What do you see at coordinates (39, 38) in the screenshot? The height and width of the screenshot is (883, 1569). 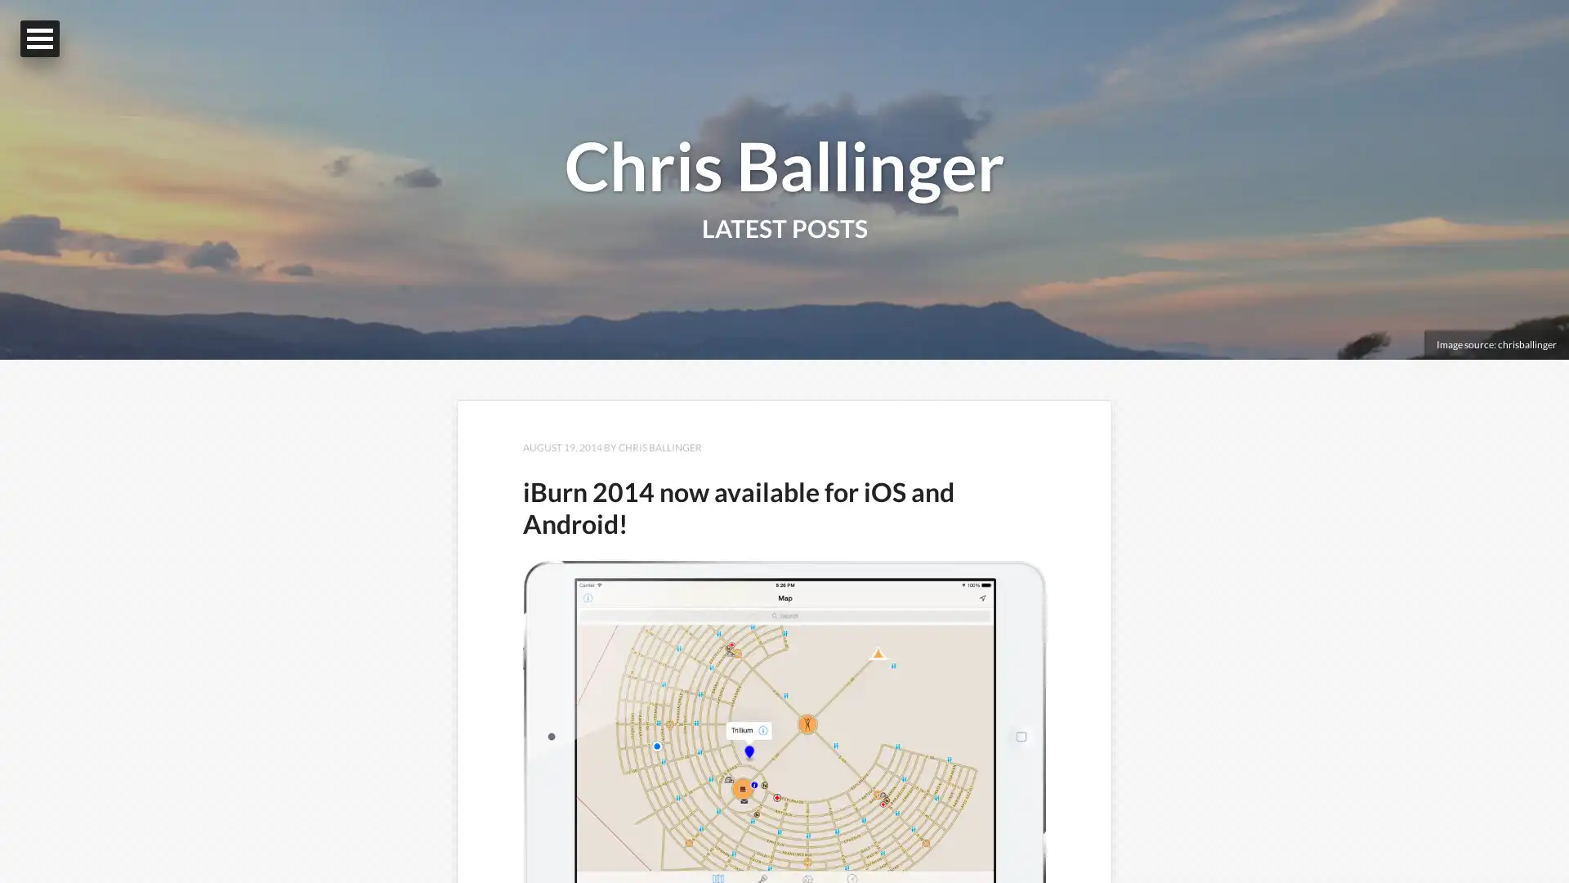 I see `Open Menu` at bounding box center [39, 38].